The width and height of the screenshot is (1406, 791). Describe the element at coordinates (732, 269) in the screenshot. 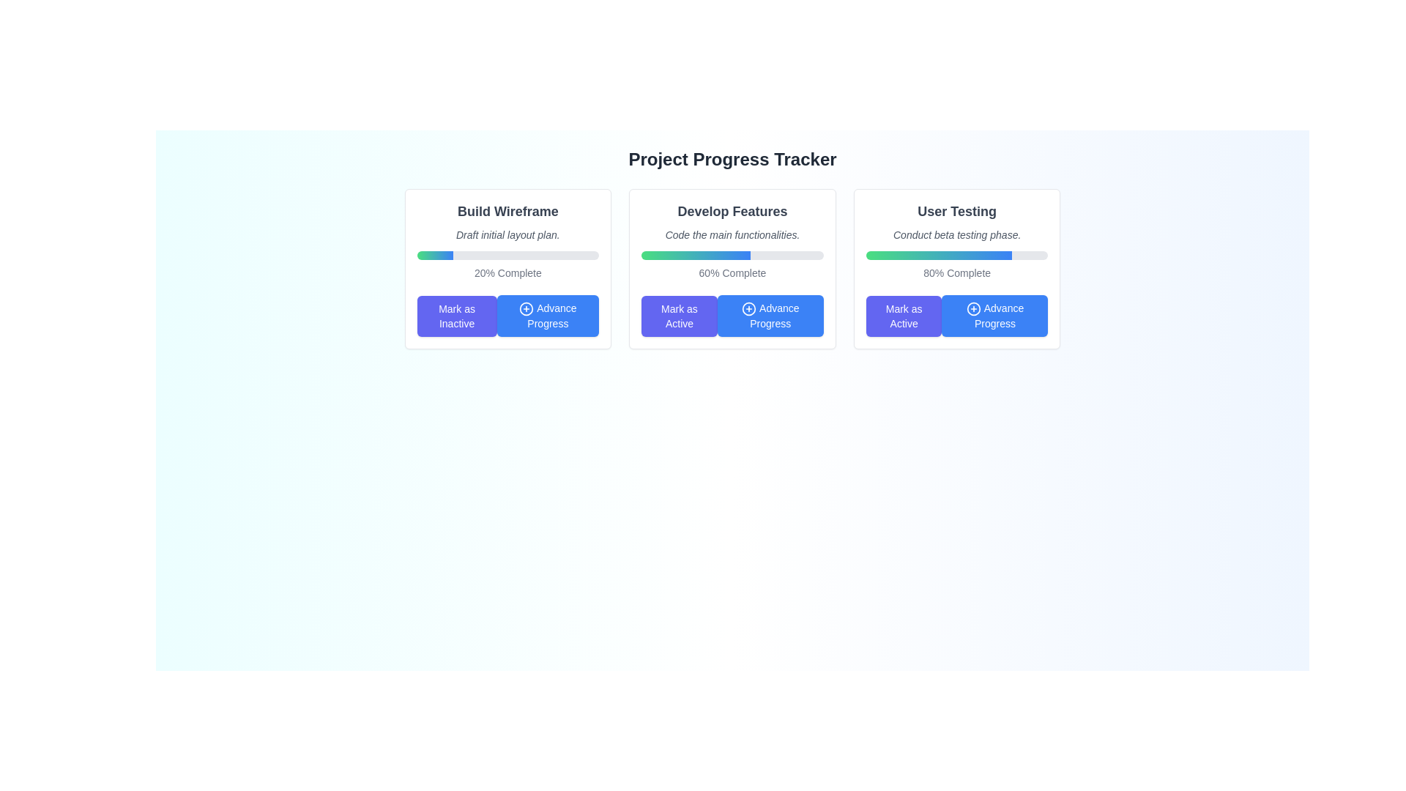

I see `the middle card displaying the state of the process 'Develop Features' in the Project Progress Tracker interface` at that location.